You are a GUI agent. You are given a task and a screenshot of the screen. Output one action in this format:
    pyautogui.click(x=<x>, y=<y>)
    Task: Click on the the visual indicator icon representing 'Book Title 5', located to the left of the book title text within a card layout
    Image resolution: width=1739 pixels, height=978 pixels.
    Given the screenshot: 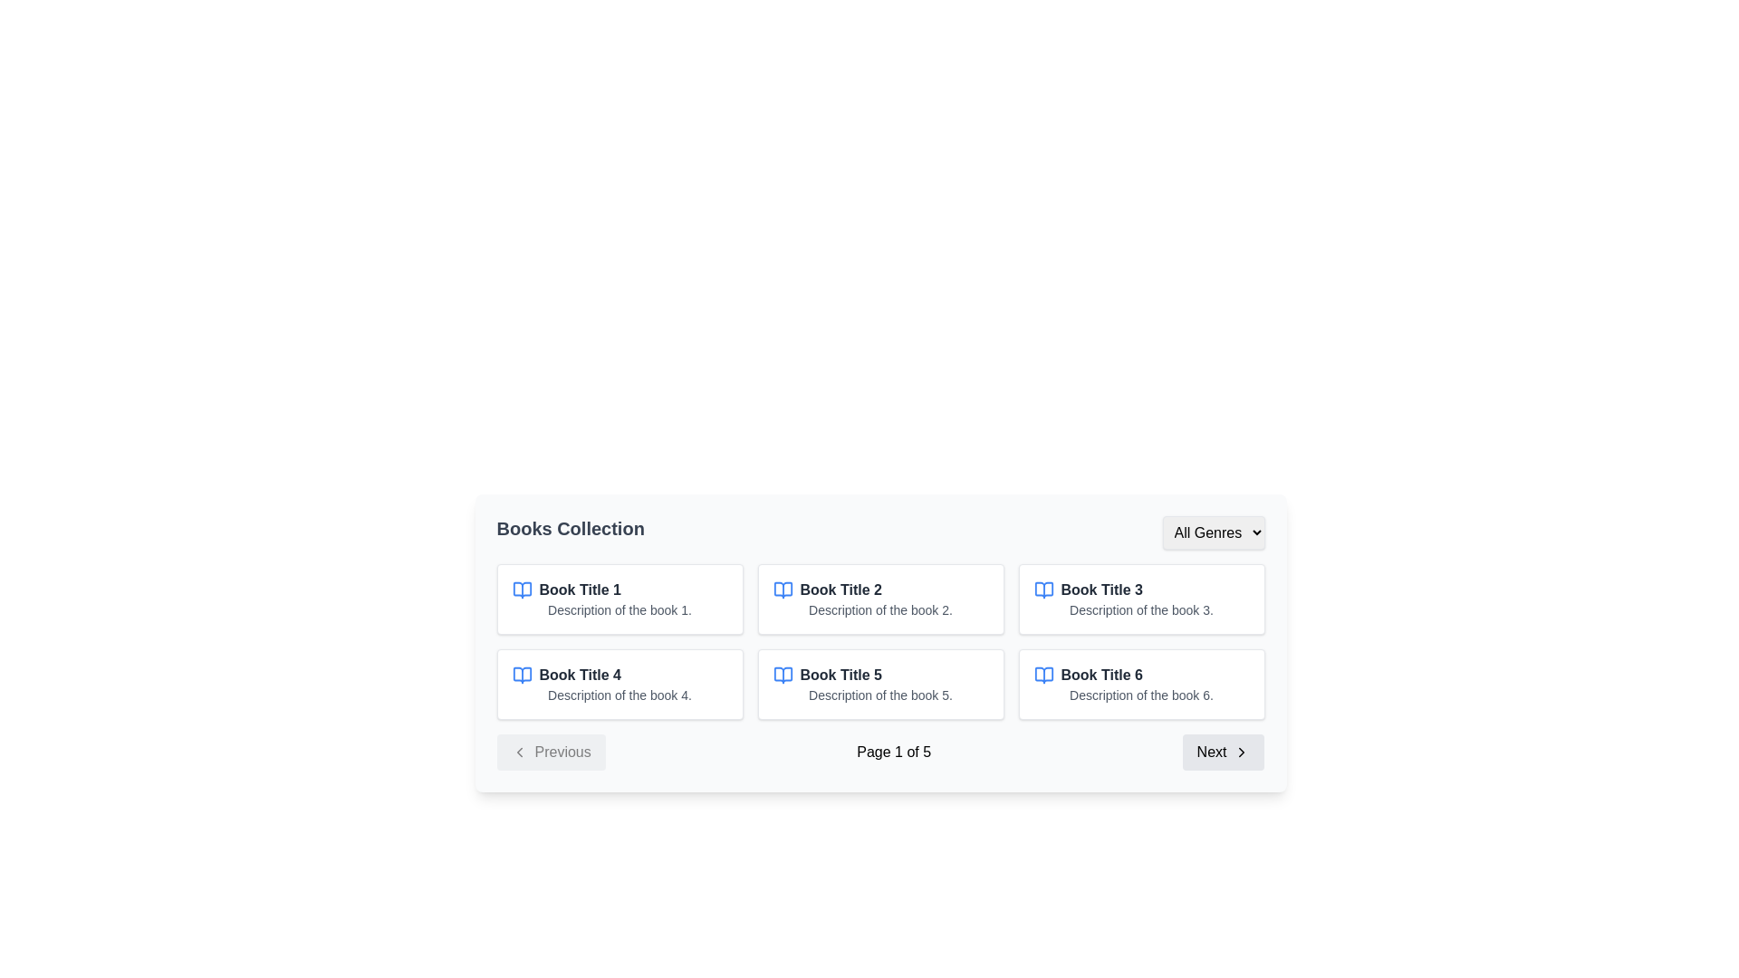 What is the action you would take?
    pyautogui.click(x=783, y=675)
    